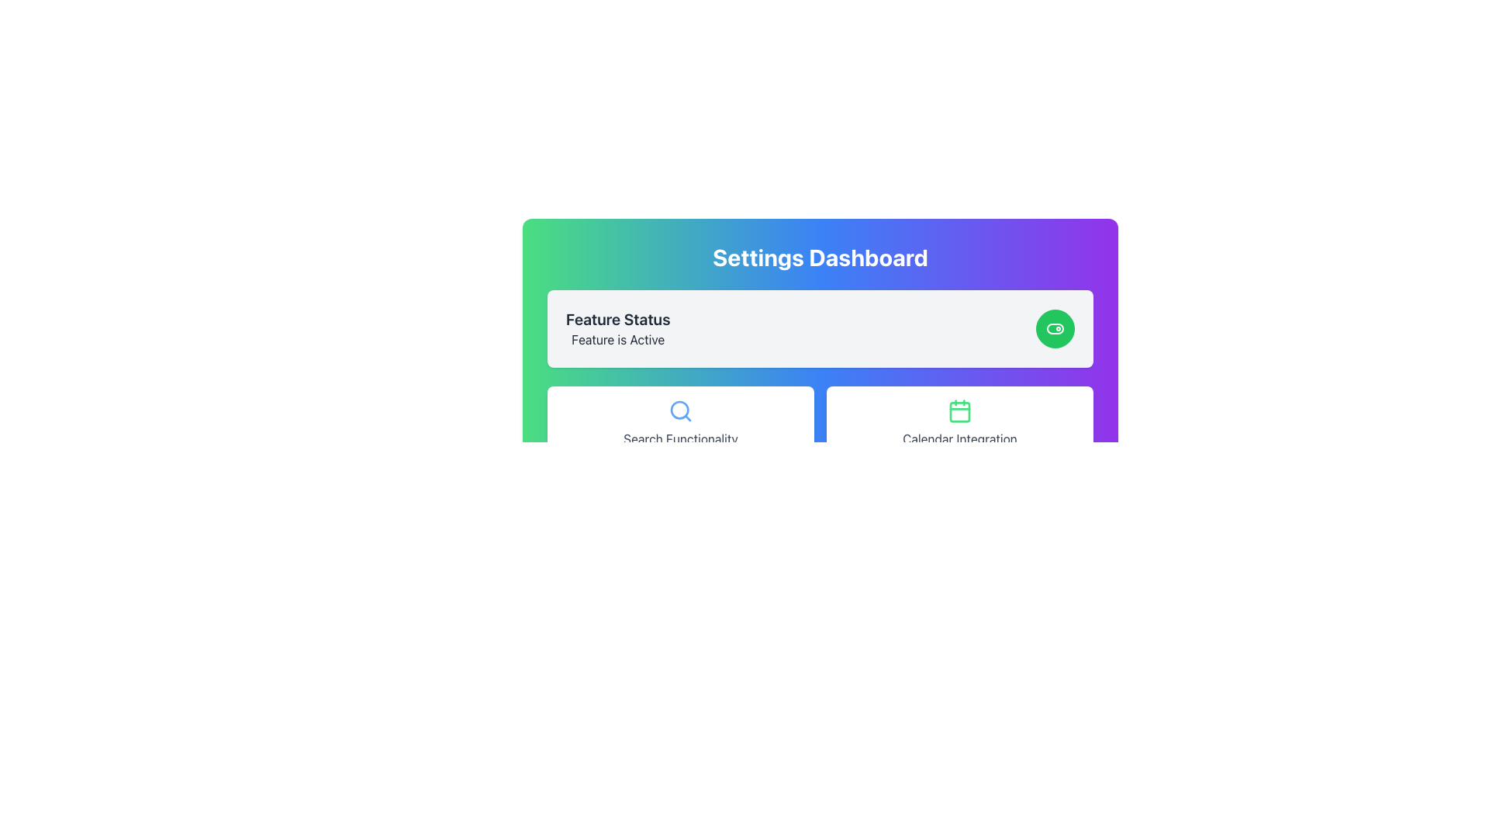  I want to click on the toggle button located at the far-right side of the 'Feature Status' section to observe the hover effect, so click(1055, 328).